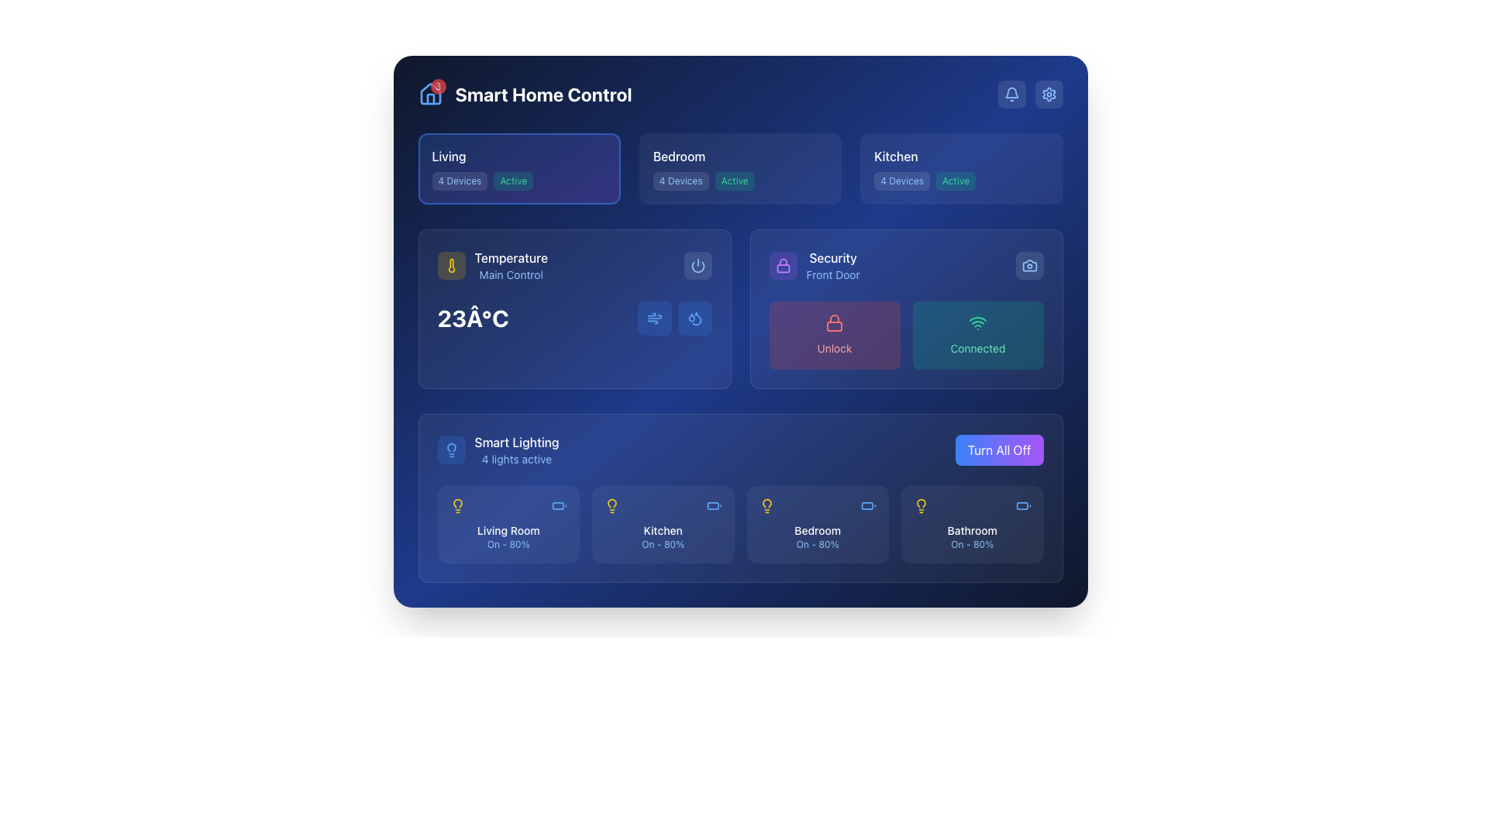 This screenshot has height=837, width=1488. What do you see at coordinates (783, 267) in the screenshot?
I see `the decorative shape inside the padlock icon located in the 'Security' section of the UI, which visually represents the body of the padlock` at bounding box center [783, 267].